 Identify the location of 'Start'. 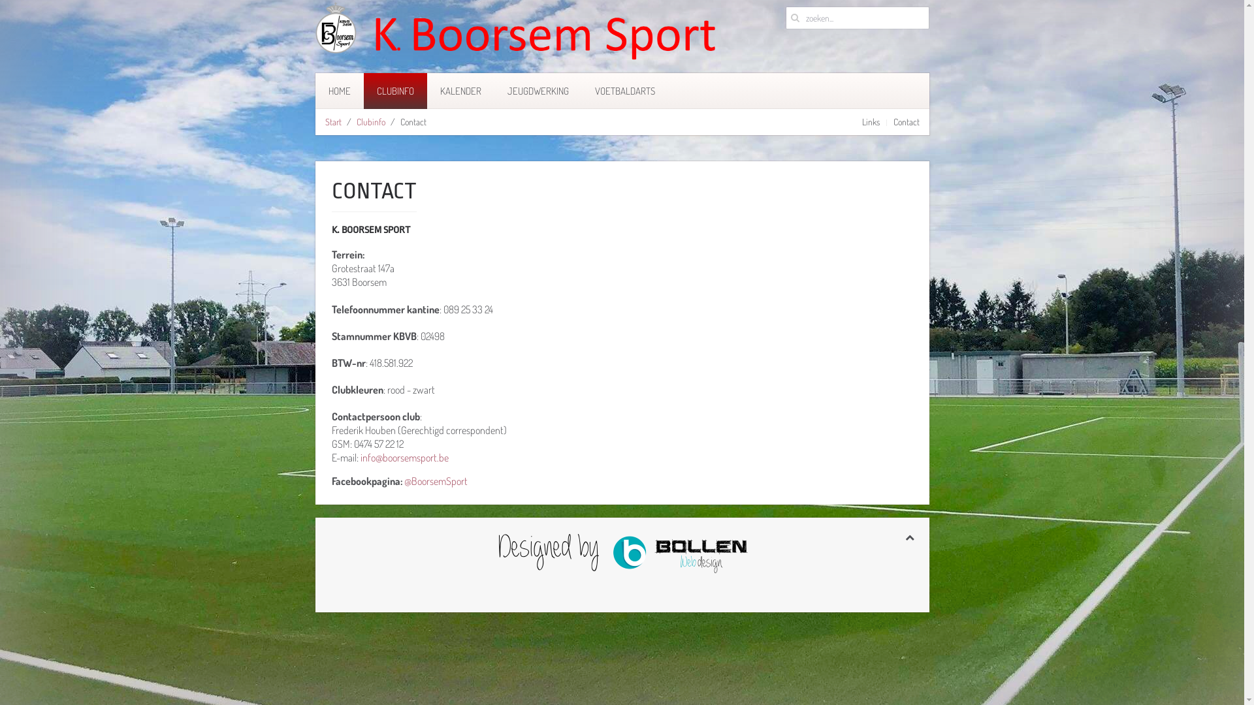
(333, 121).